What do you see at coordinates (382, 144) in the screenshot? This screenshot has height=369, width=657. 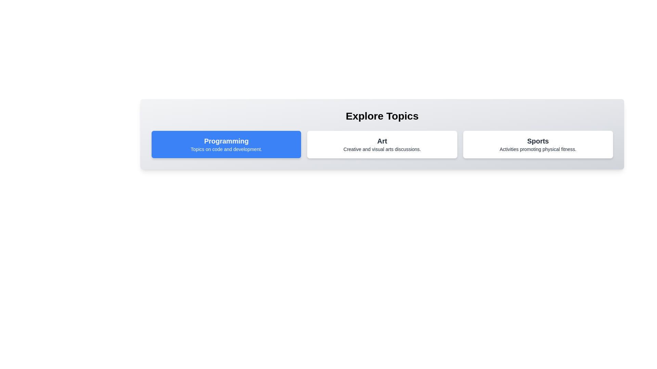 I see `the topic card labeled 'Art'` at bounding box center [382, 144].